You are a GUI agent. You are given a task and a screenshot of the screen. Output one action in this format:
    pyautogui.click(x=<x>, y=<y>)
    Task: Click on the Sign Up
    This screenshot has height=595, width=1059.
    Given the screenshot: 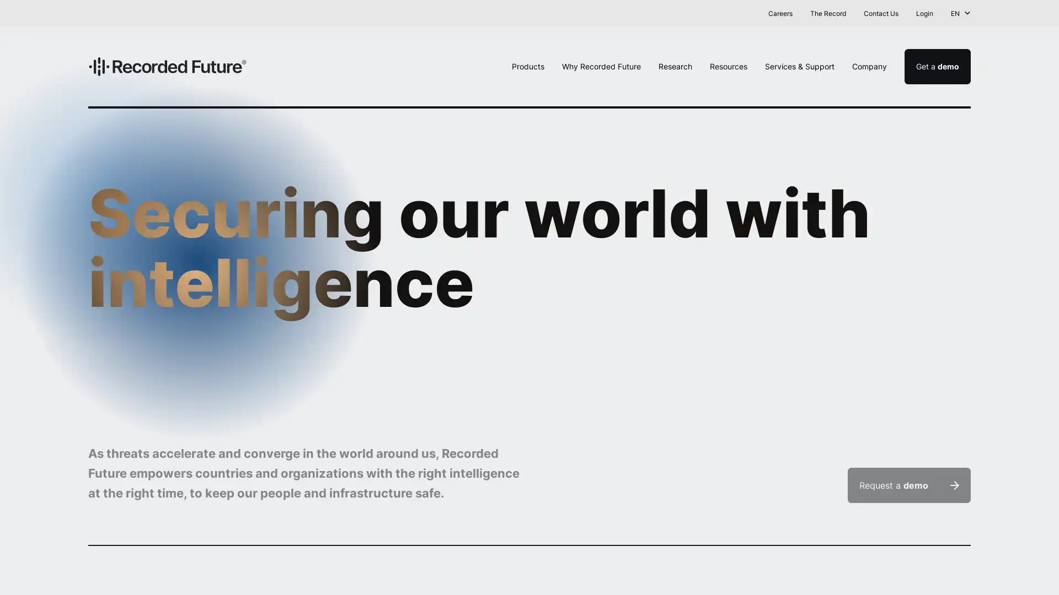 What is the action you would take?
    pyautogui.click(x=665, y=13)
    